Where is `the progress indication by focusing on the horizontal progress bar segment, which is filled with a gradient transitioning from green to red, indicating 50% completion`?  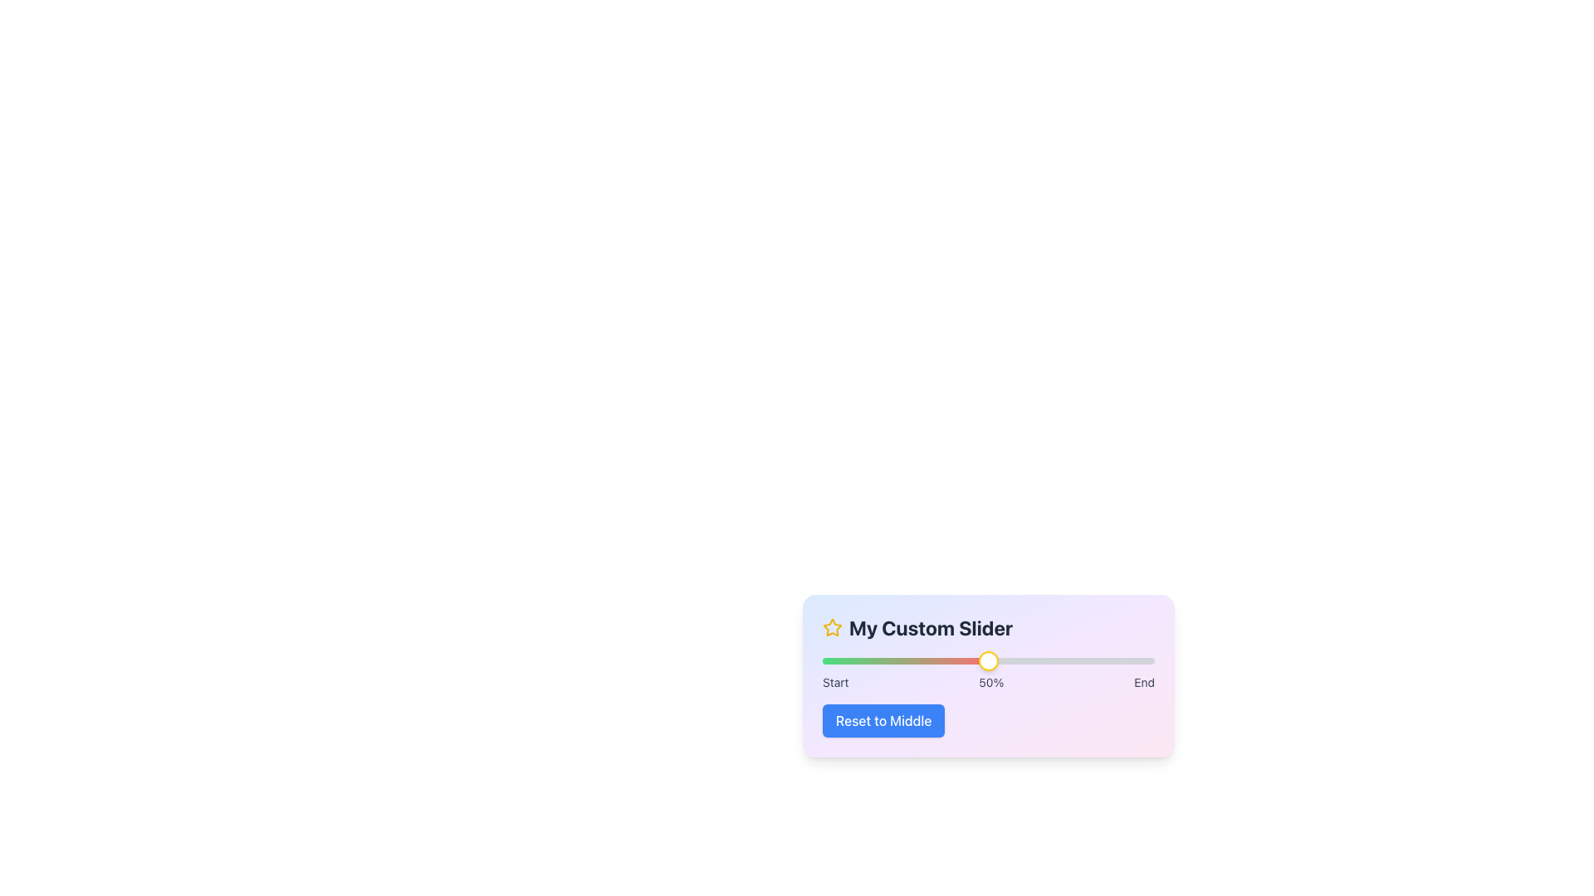 the progress indication by focusing on the horizontal progress bar segment, which is filled with a gradient transitioning from green to red, indicating 50% completion is located at coordinates (904, 660).